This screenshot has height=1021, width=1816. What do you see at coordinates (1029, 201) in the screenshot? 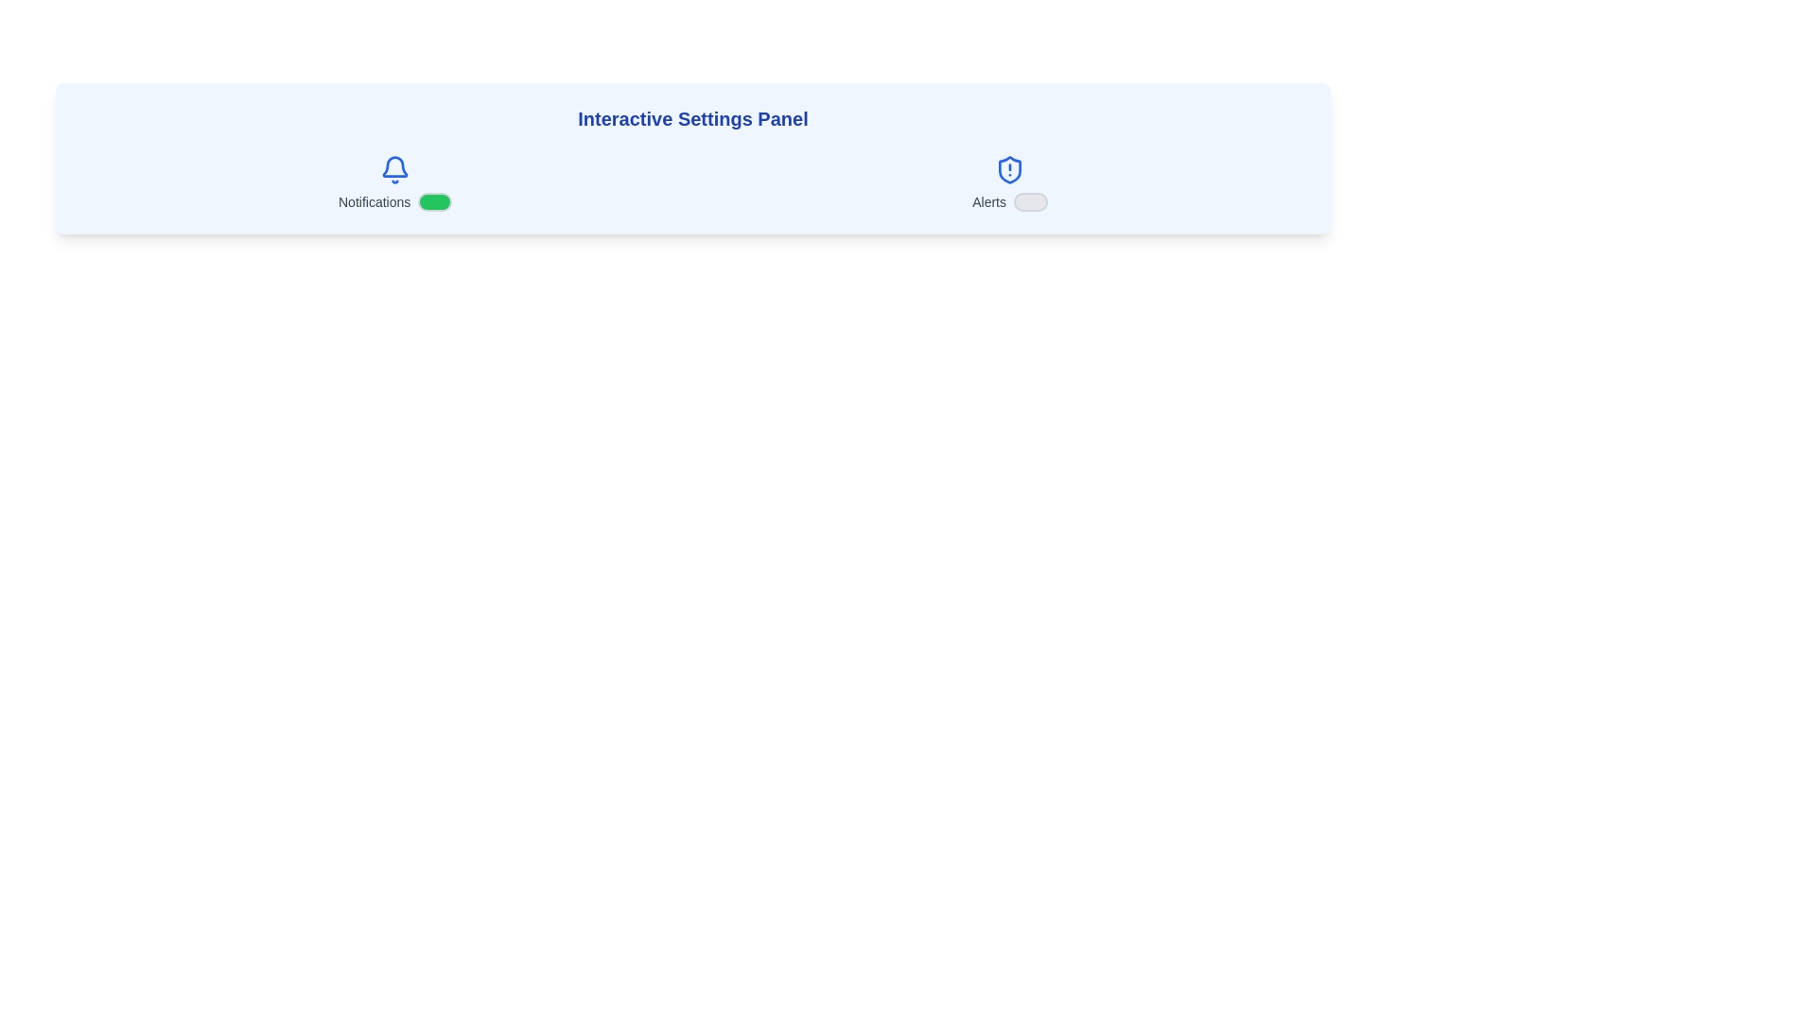
I see `the Alerts checkbox to toggle its state` at bounding box center [1029, 201].